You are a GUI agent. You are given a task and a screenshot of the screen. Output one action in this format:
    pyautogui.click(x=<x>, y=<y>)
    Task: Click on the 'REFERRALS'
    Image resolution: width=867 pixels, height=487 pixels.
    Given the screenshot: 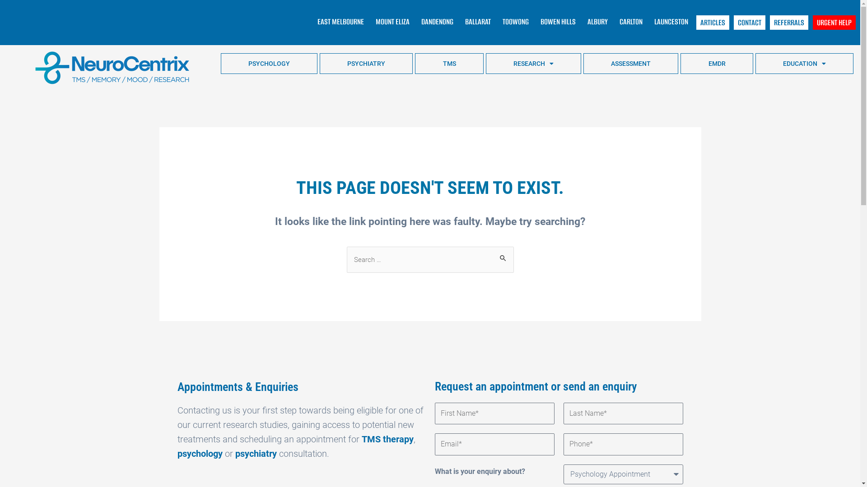 What is the action you would take?
    pyautogui.click(x=788, y=22)
    